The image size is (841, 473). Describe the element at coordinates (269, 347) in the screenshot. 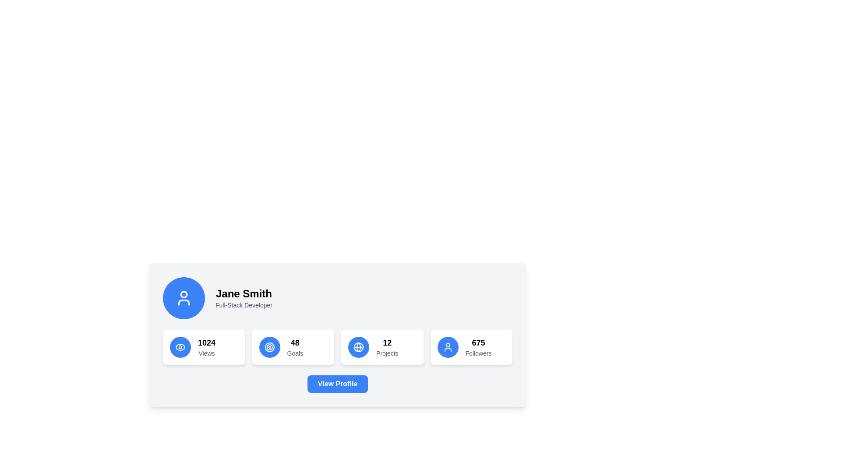

I see `the second concentric circle in the SVG target icon to visually indicate precision or focus` at that location.